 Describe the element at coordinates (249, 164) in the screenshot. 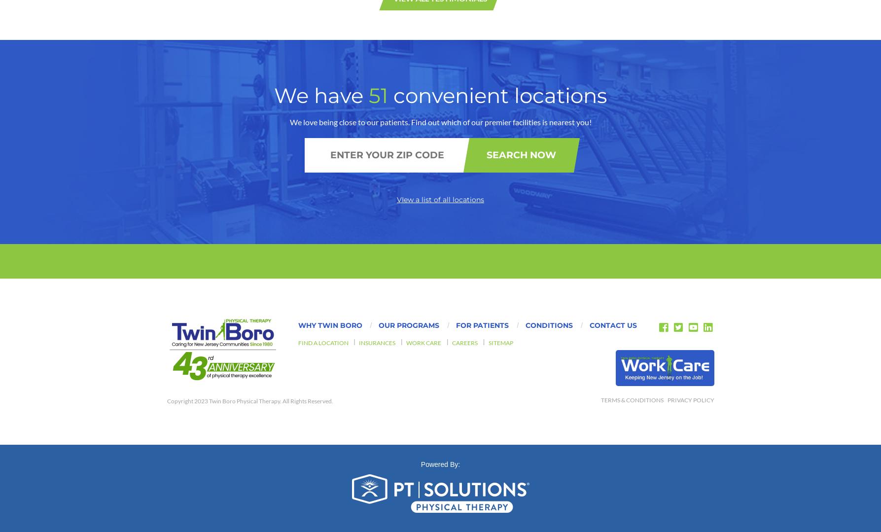

I see `'Copyright 2023 Twin Boro Physical Therapy. All Rights Reserved.'` at that location.